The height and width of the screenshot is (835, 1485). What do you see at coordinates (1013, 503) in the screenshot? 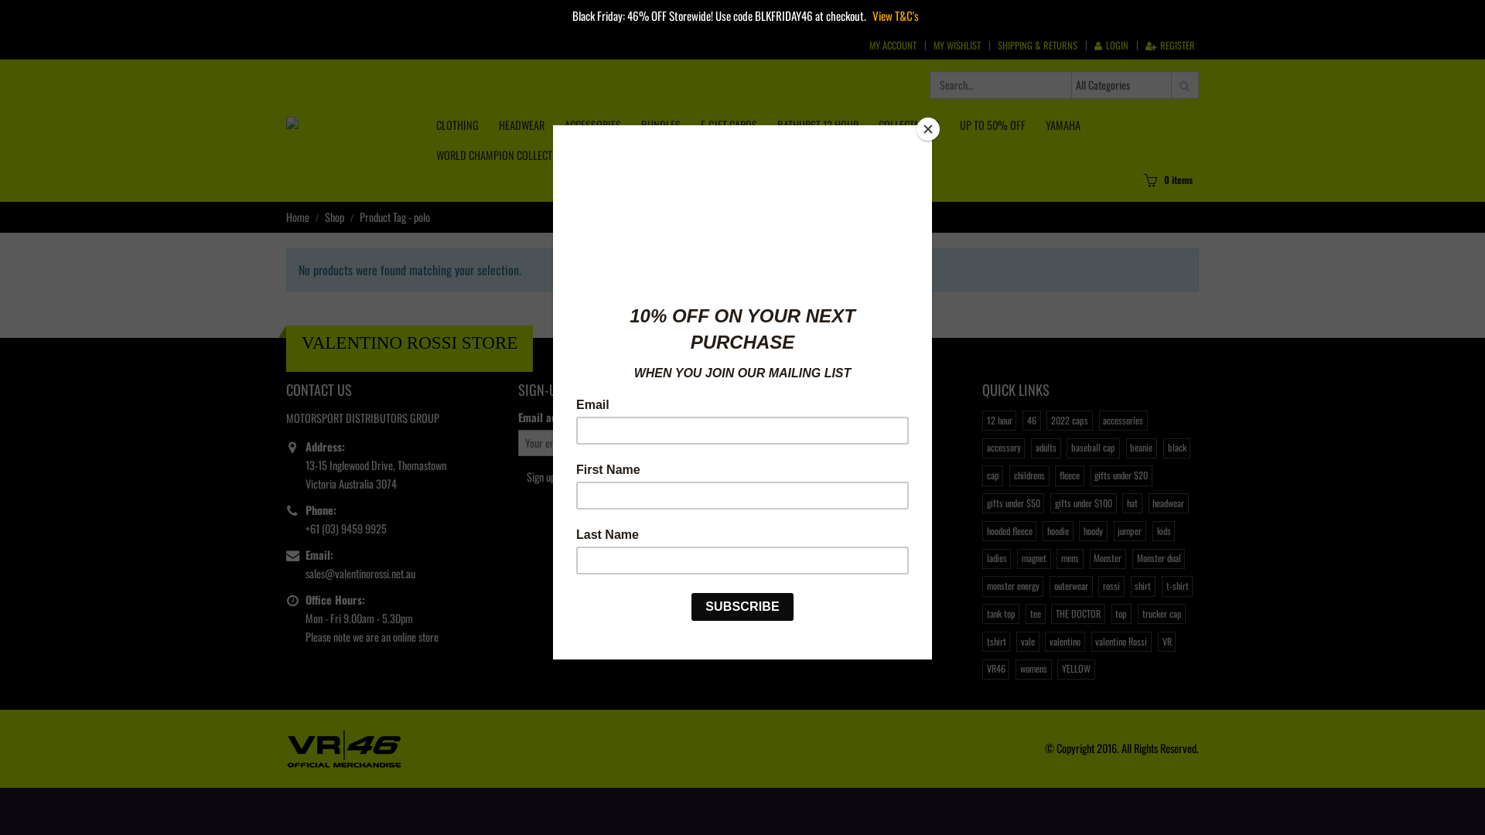
I see `'gifts under $50'` at bounding box center [1013, 503].